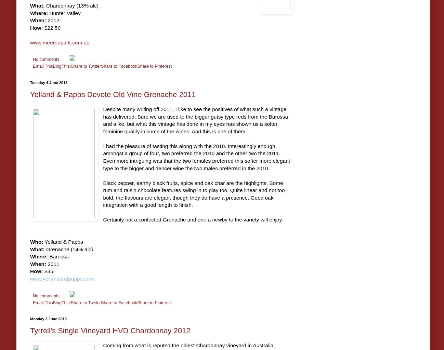 The width and height of the screenshot is (444, 350). What do you see at coordinates (48, 318) in the screenshot?
I see `'Monday 3 June 2013'` at bounding box center [48, 318].